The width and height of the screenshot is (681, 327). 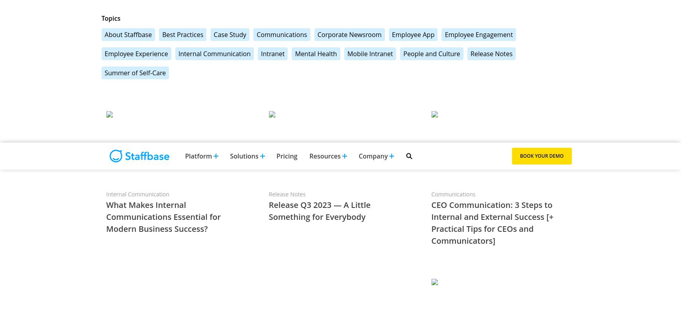 What do you see at coordinates (438, 135) in the screenshot?
I see `'What is organizational resilience and how can communication help your business and its people mutually weather our increasingly disruptive world?'` at bounding box center [438, 135].